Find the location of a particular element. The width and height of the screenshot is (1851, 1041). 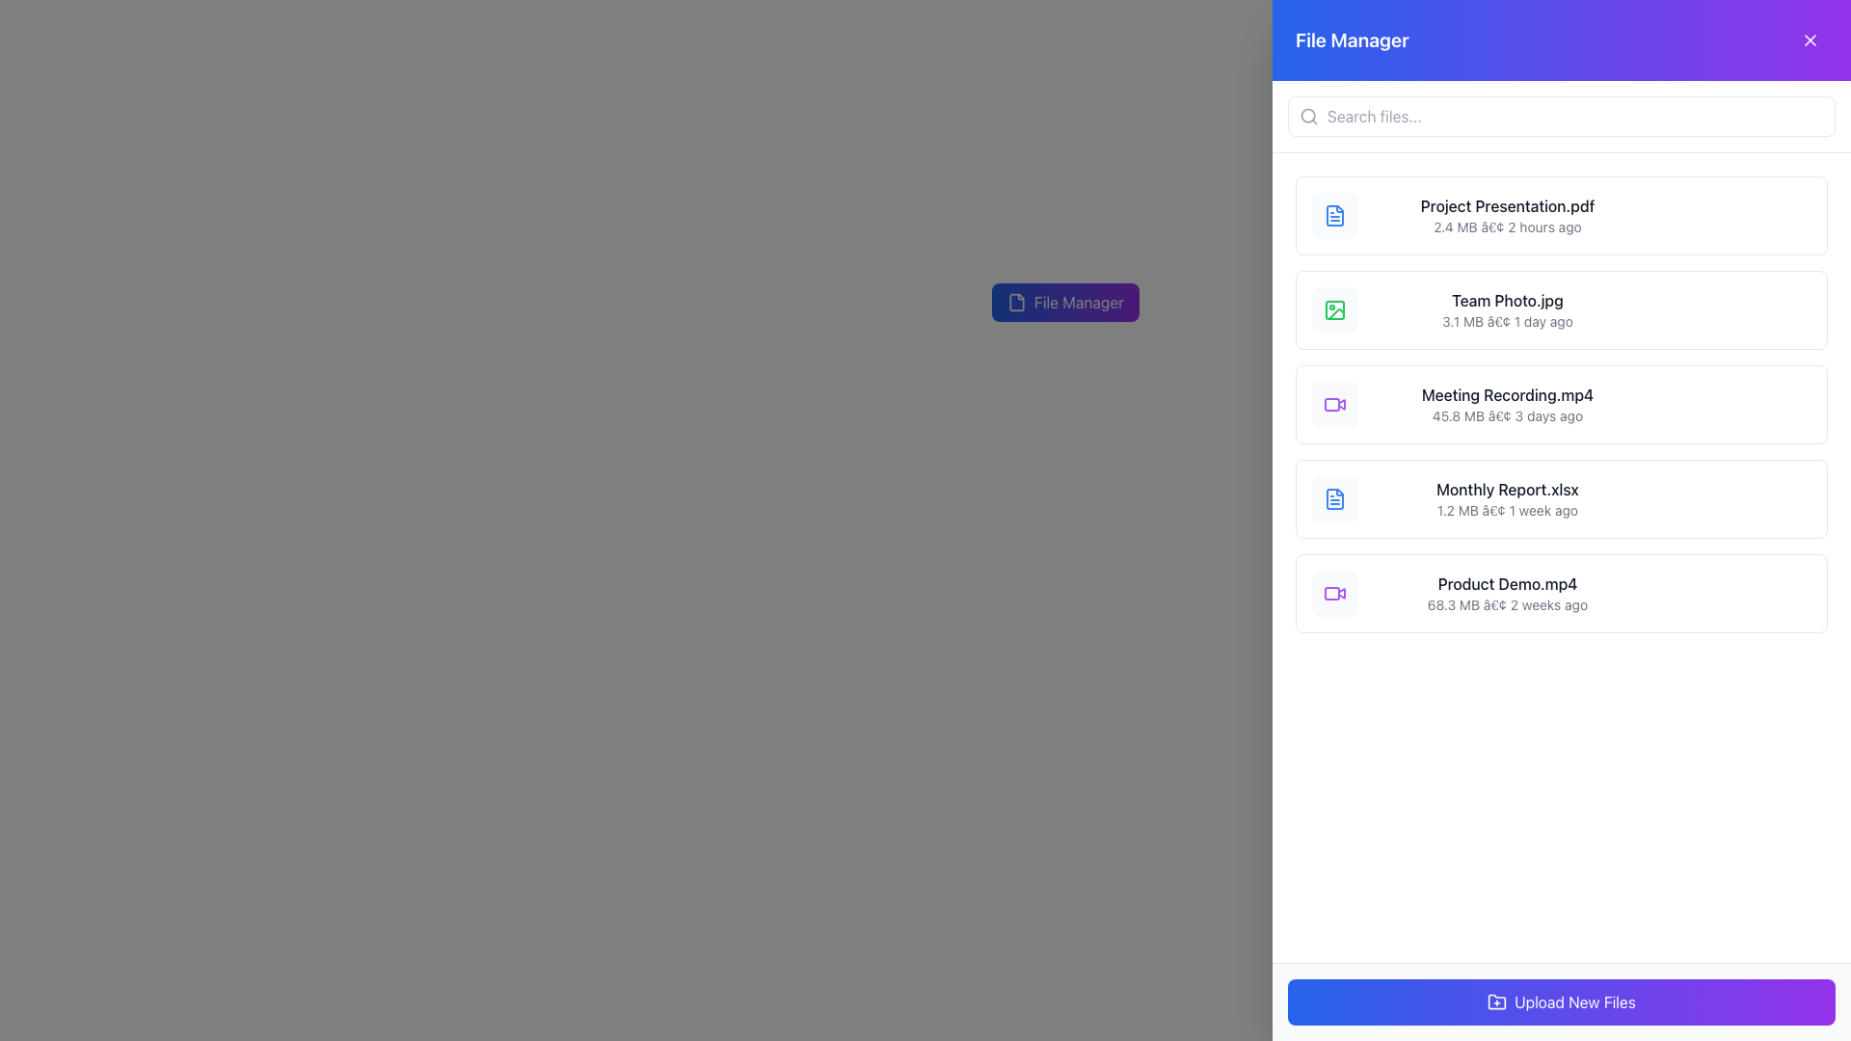

displayed information from the text label that provides file size and last modified time for 'Team Photo.jpg' located below the primary file name in the File Manager interface is located at coordinates (1507, 321).